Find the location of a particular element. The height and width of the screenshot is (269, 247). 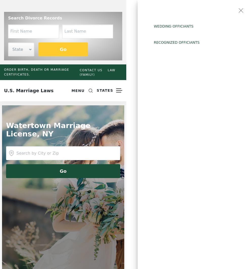

'Order birth, death or marriage certificates.' is located at coordinates (36, 71).